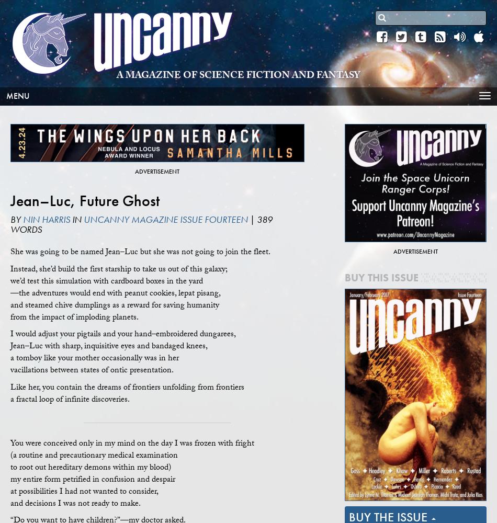 The height and width of the screenshot is (523, 497). Describe the element at coordinates (91, 370) in the screenshot. I see `'vacillations between states of ontic presentation.'` at that location.